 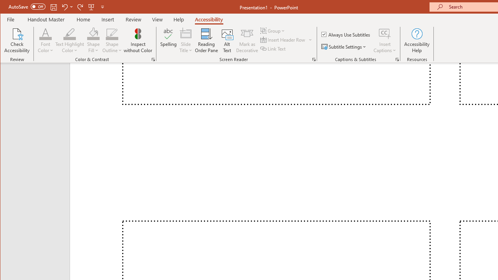 What do you see at coordinates (207, 40) in the screenshot?
I see `'Reading Order Pane'` at bounding box center [207, 40].